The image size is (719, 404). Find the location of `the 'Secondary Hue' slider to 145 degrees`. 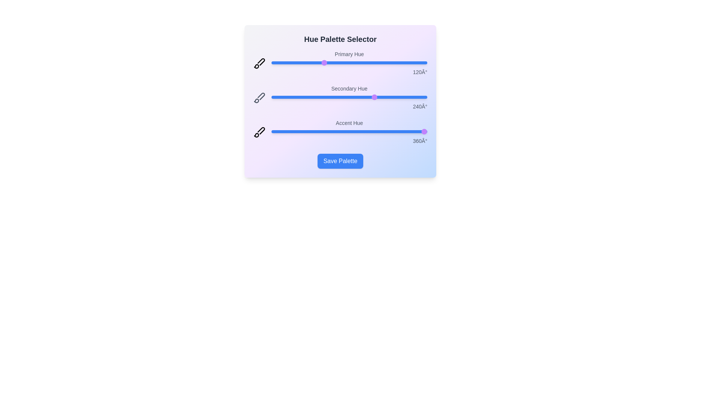

the 'Secondary Hue' slider to 145 degrees is located at coordinates (334, 97).